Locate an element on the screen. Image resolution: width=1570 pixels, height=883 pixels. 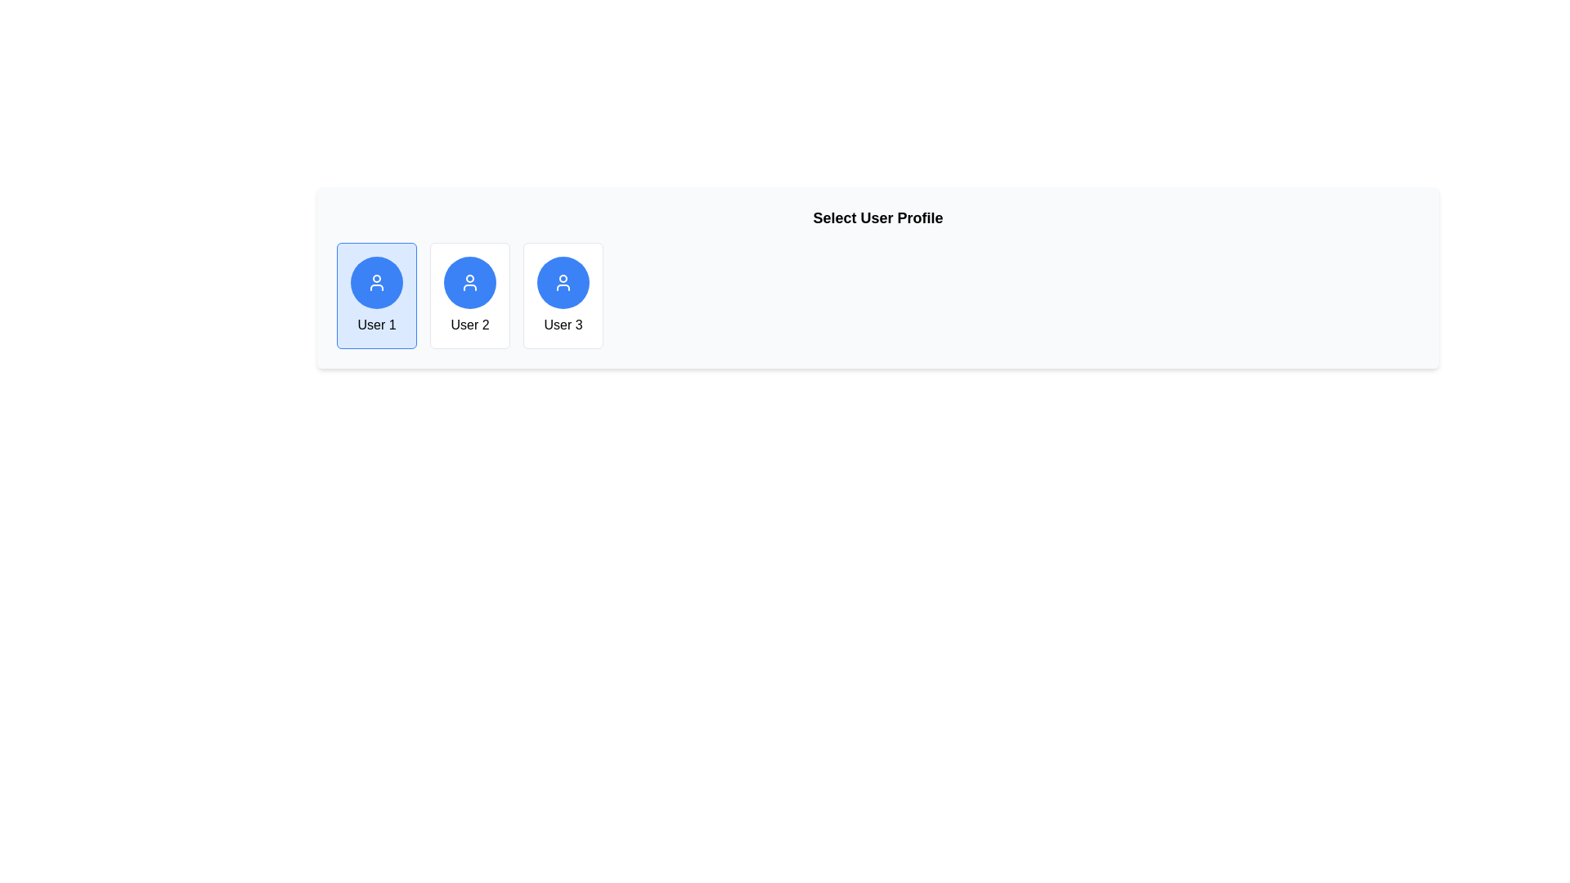
the user icon representing 'User 2', which is a white icon in a blue circular background above the label 'User 2' is located at coordinates (469, 282).